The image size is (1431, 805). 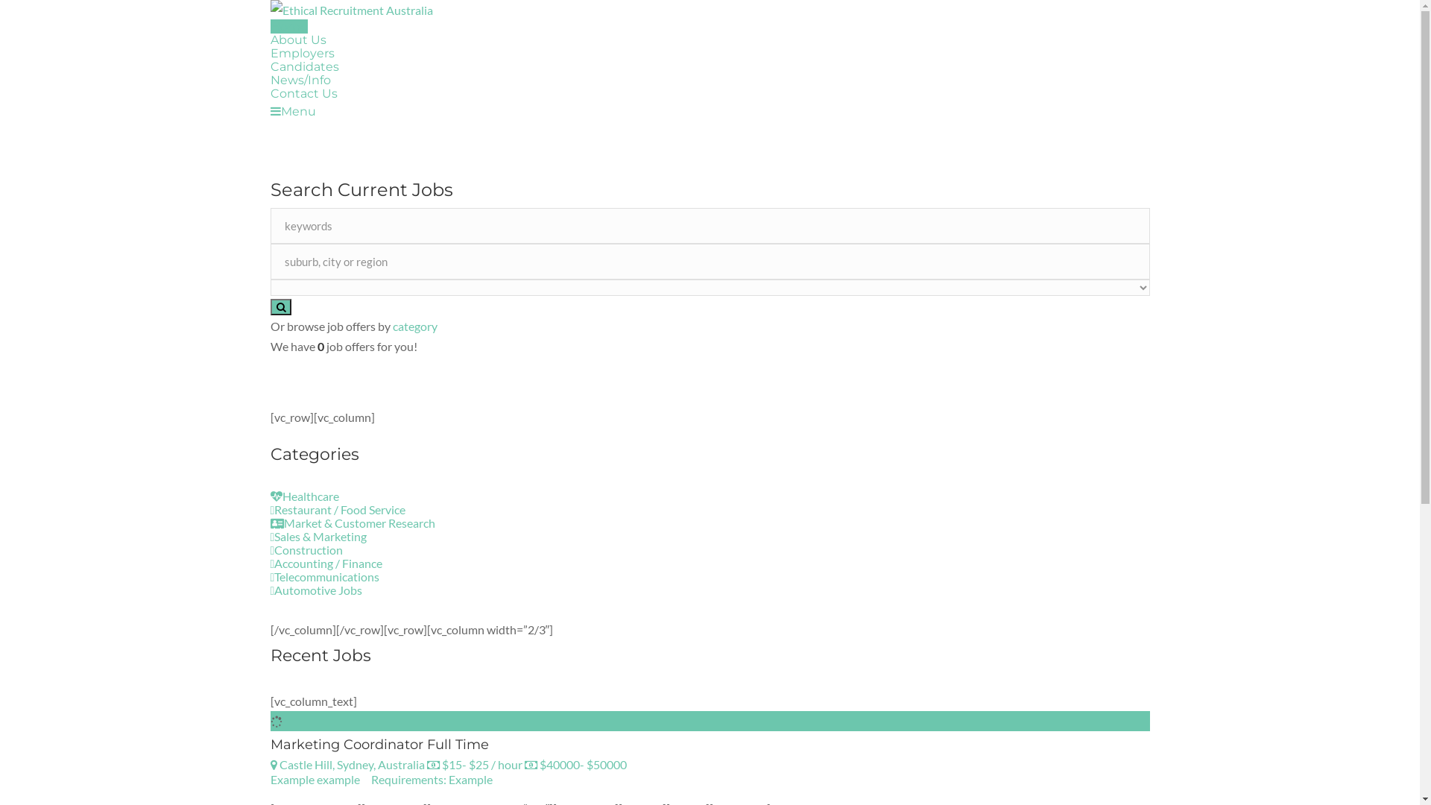 I want to click on 'Restaurant / Food Service', so click(x=336, y=508).